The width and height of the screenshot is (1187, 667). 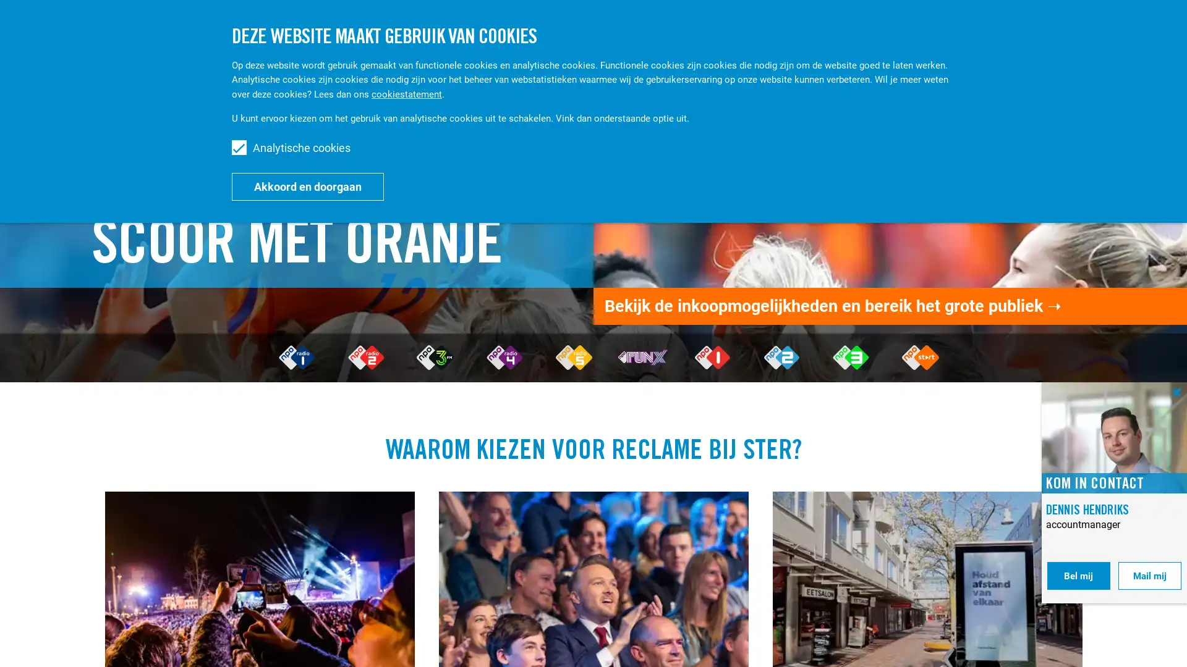 What do you see at coordinates (1059, 30) in the screenshot?
I see `Zoeken` at bounding box center [1059, 30].